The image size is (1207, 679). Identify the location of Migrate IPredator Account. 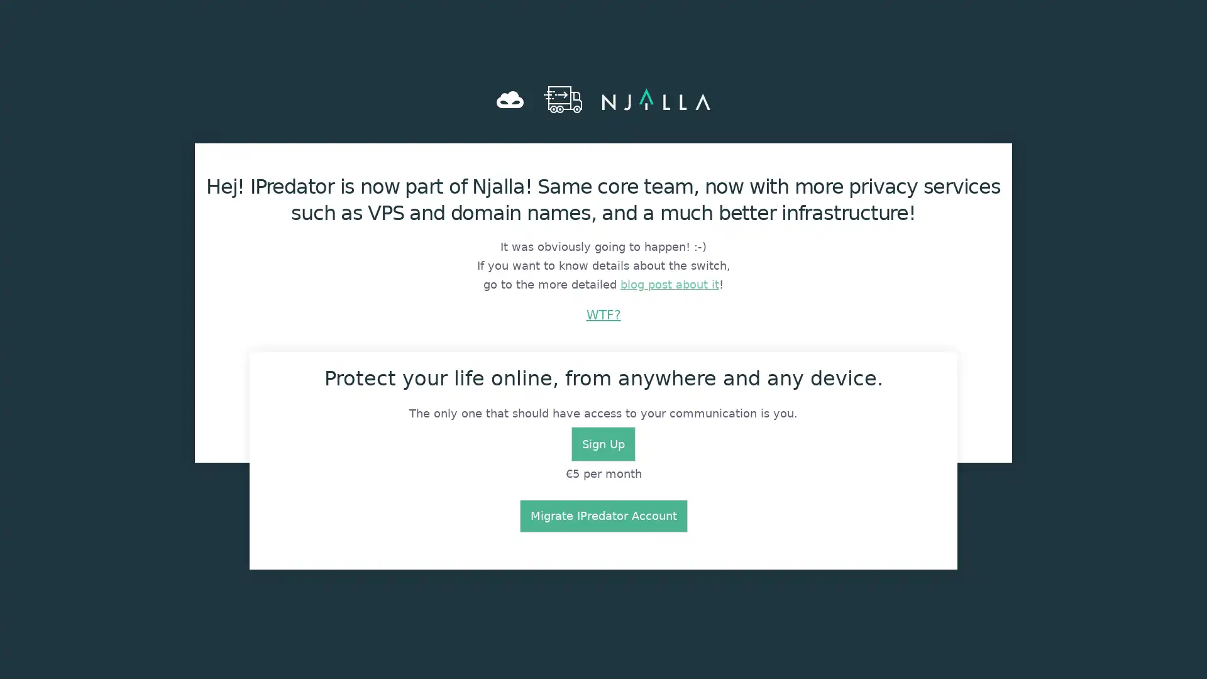
(602, 516).